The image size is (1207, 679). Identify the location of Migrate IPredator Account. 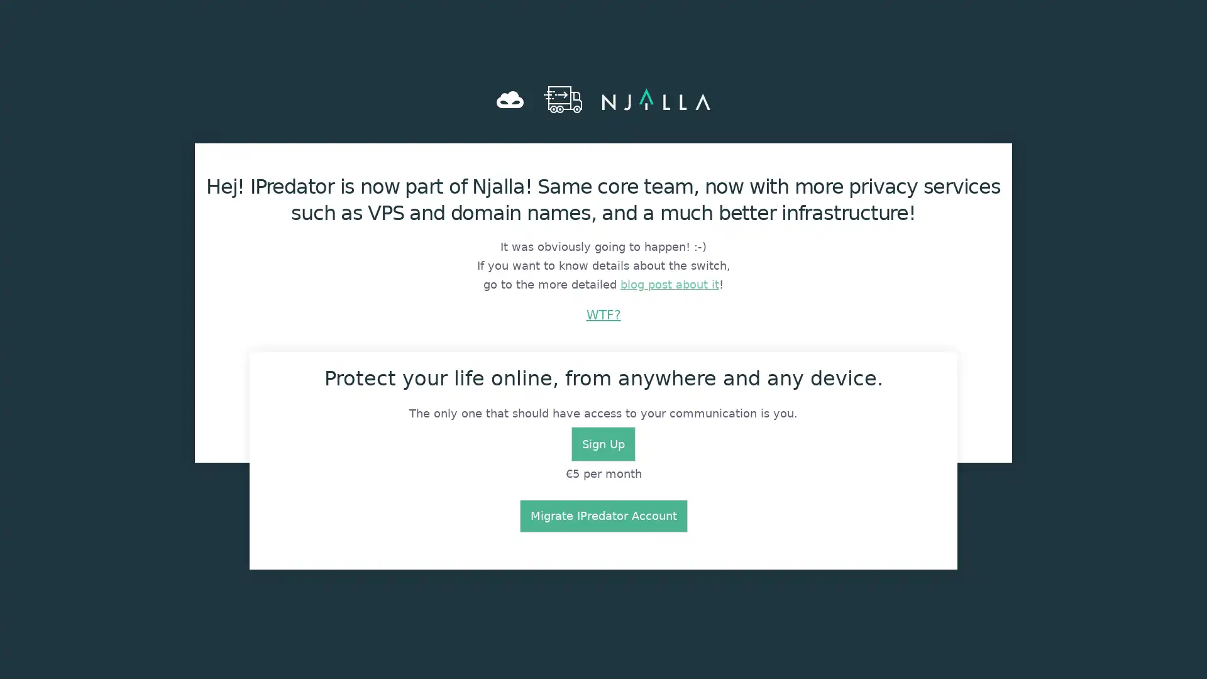
(602, 516).